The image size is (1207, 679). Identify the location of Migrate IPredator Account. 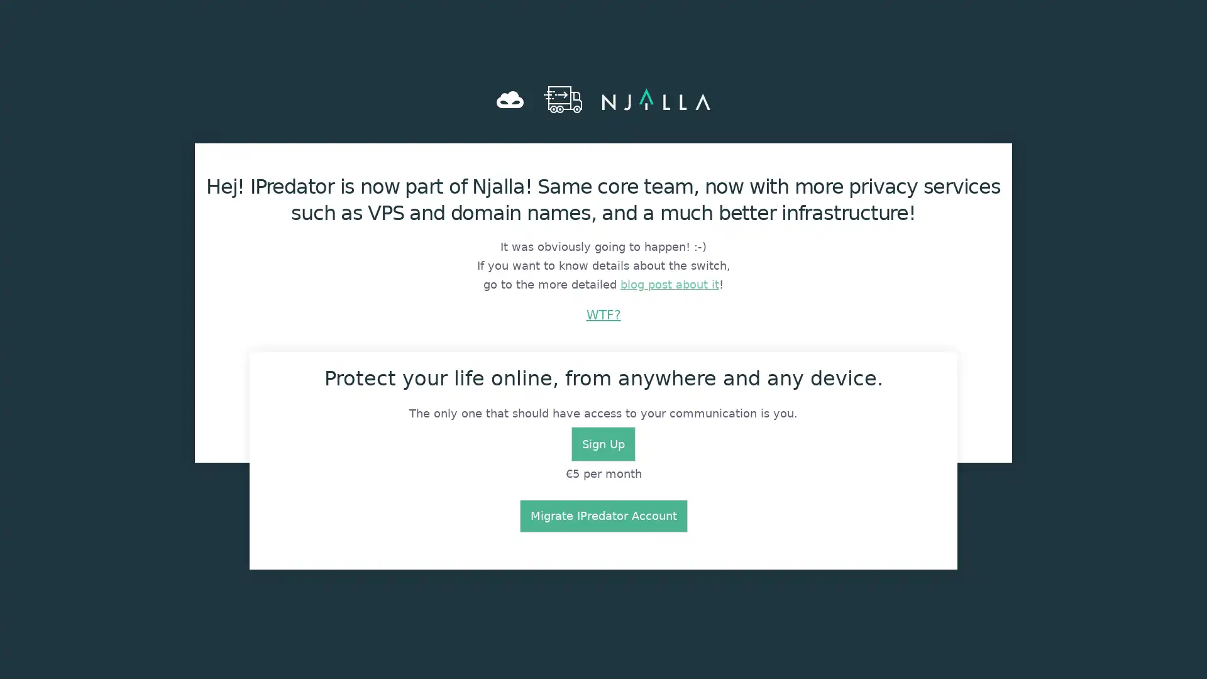
(602, 516).